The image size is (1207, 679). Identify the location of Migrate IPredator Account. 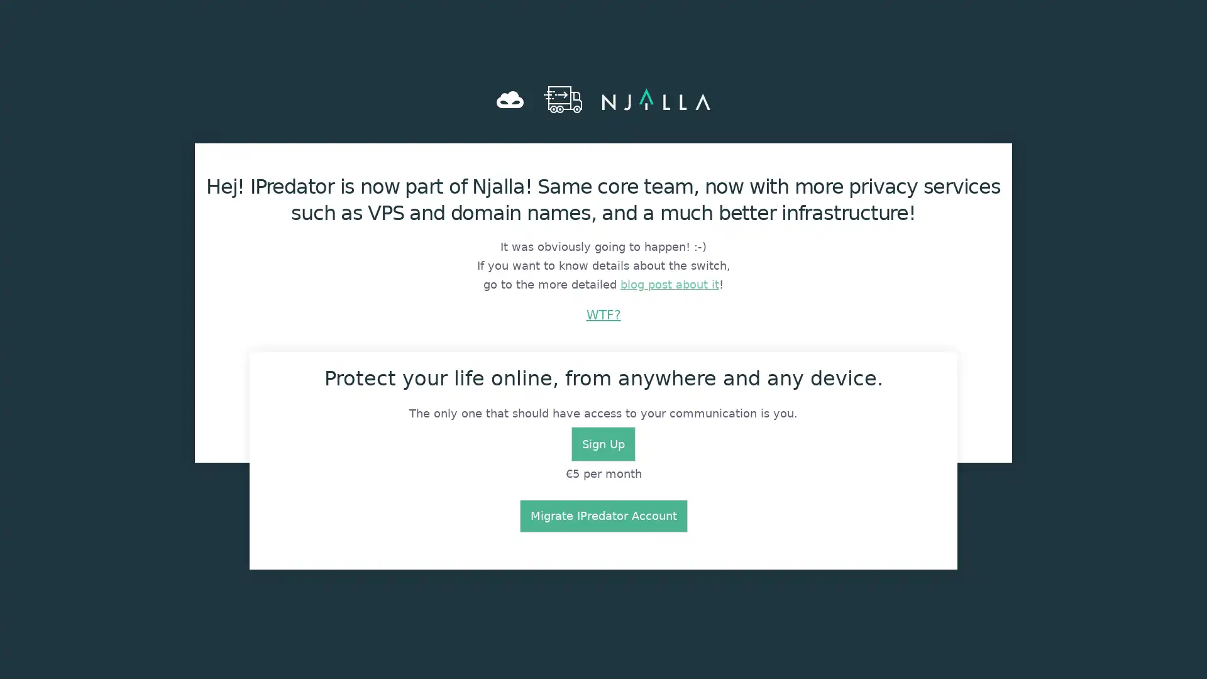
(602, 516).